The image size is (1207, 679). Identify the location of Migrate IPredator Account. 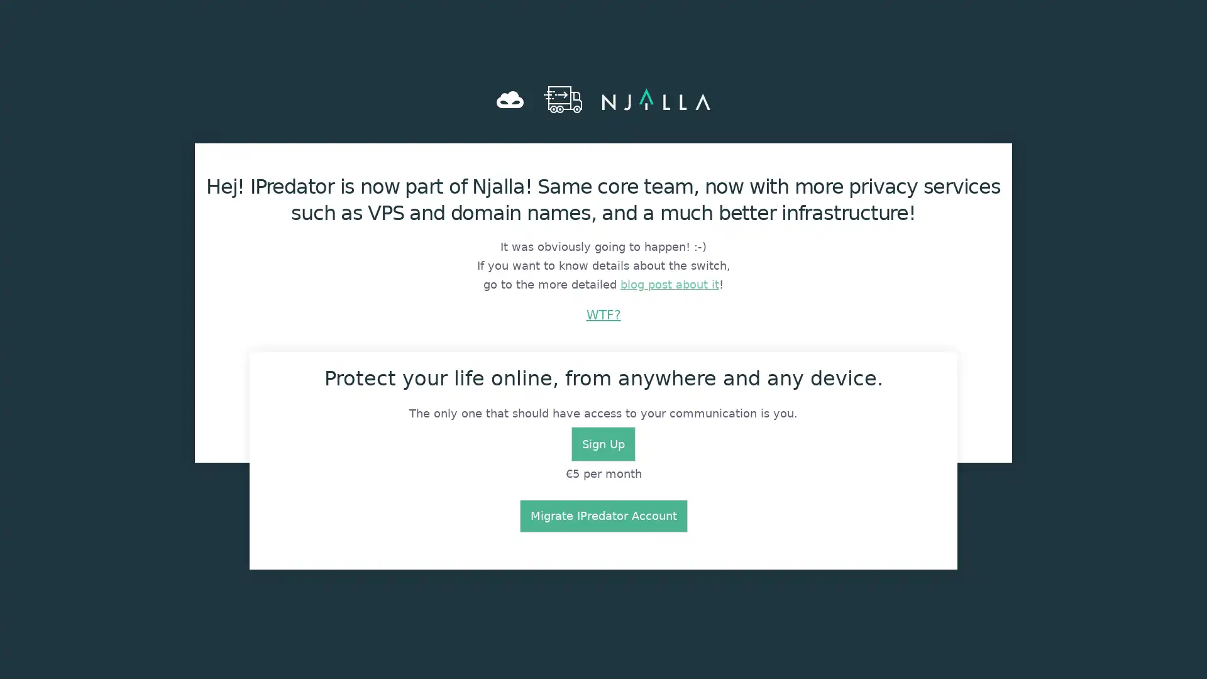
(602, 516).